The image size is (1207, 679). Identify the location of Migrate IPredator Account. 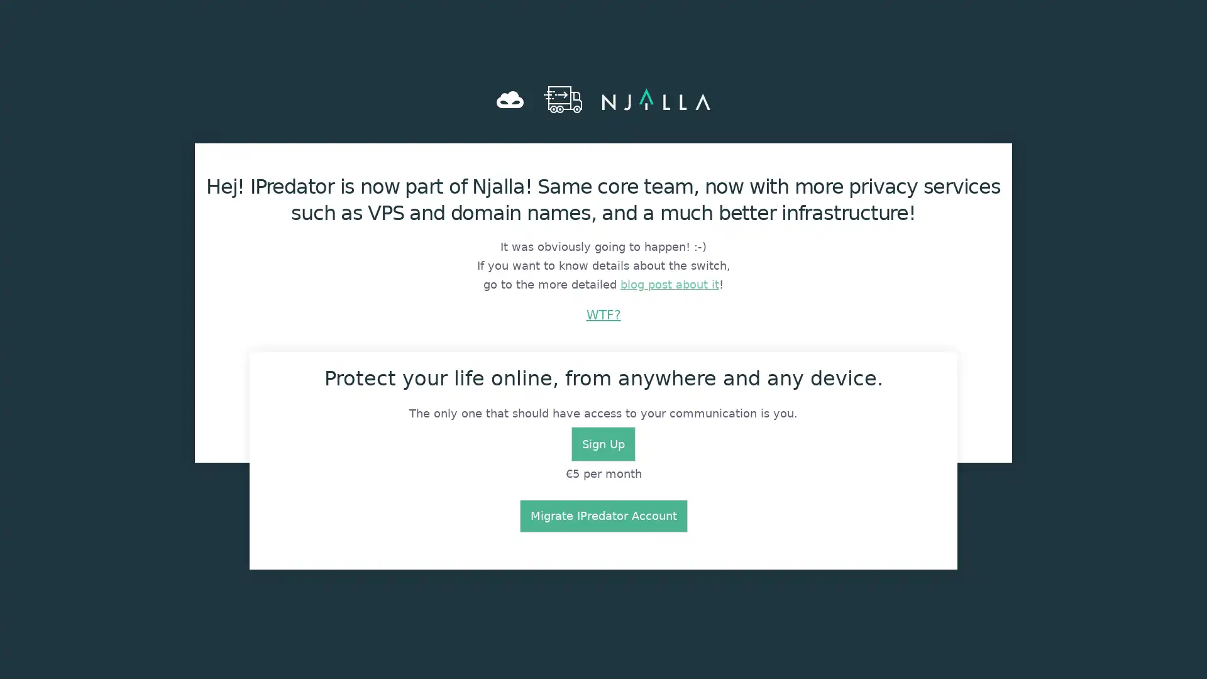
(602, 516).